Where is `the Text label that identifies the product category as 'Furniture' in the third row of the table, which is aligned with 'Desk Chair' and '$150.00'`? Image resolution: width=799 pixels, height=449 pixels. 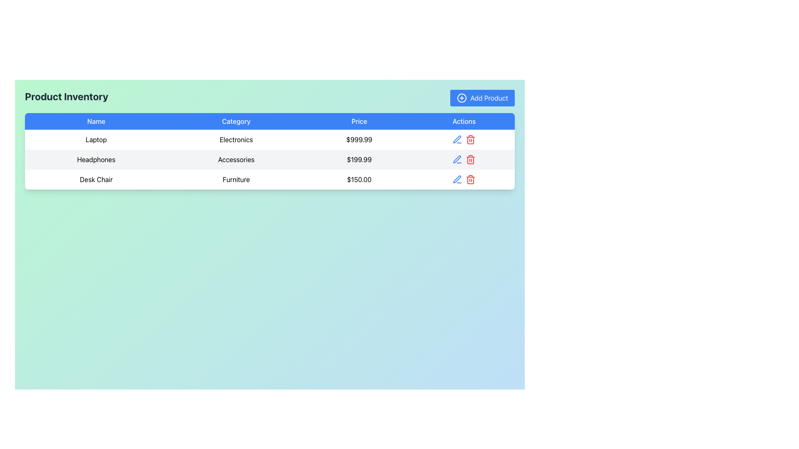
the Text label that identifies the product category as 'Furniture' in the third row of the table, which is aligned with 'Desk Chair' and '$150.00' is located at coordinates (236, 179).